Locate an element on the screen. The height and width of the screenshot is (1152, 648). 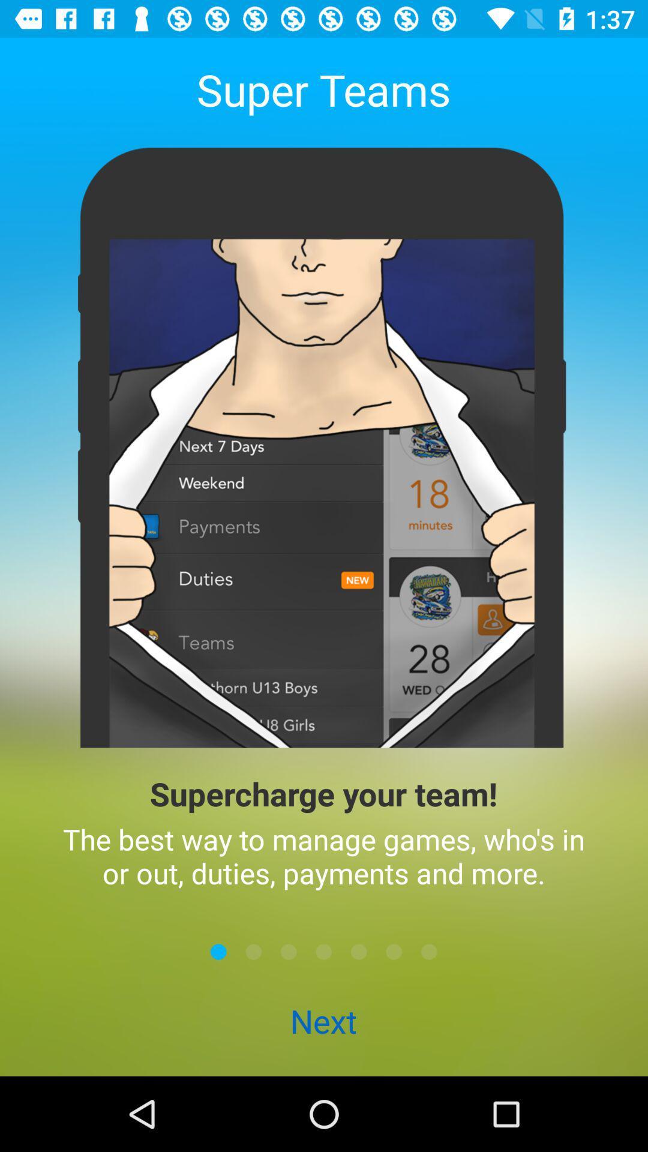
advance to a later slide is located at coordinates (358, 951).